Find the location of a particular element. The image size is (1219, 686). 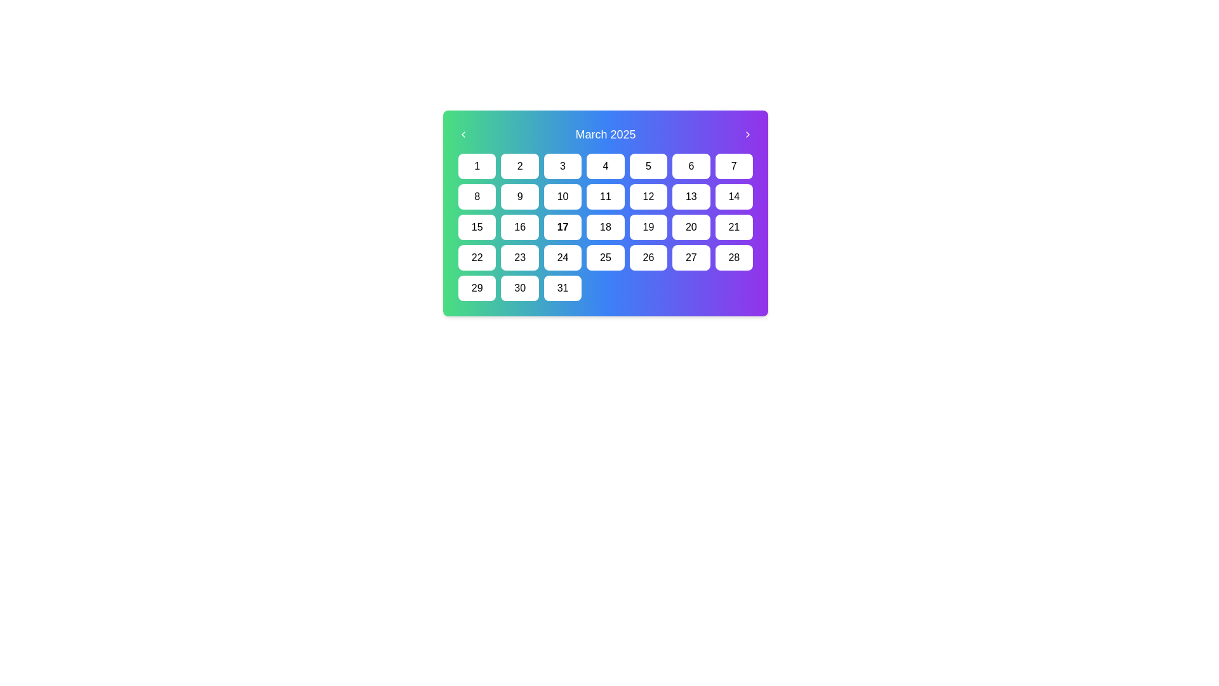

the forward navigation button located at the top-right of the header displaying 'March 2025' is located at coordinates (747, 135).